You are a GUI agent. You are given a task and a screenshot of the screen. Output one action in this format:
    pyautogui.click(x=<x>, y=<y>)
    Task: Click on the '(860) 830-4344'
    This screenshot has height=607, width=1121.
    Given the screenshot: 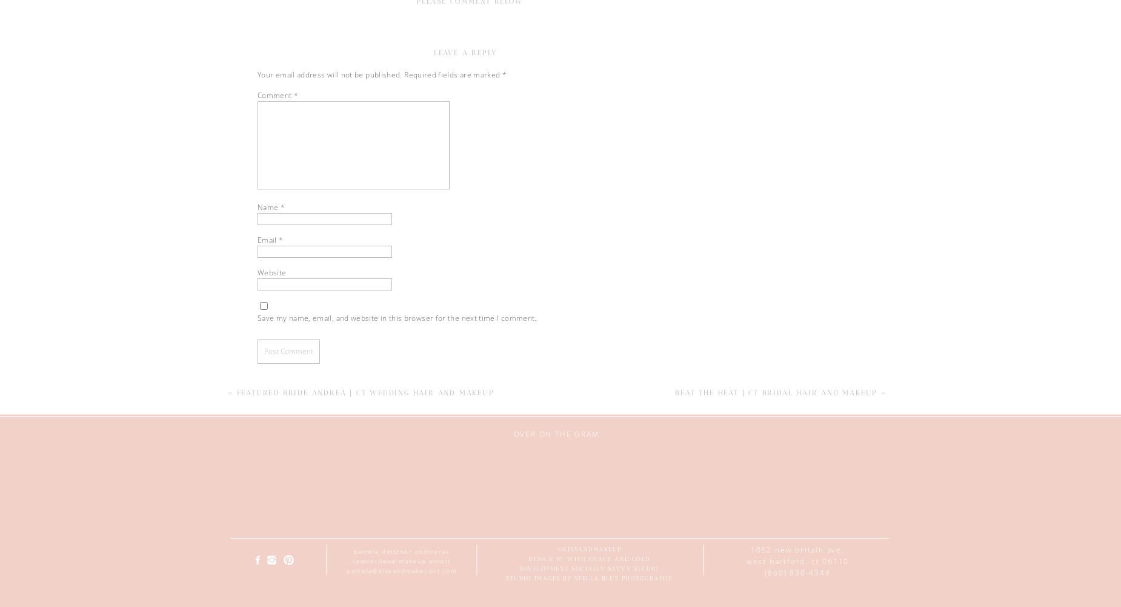 What is the action you would take?
    pyautogui.click(x=797, y=572)
    